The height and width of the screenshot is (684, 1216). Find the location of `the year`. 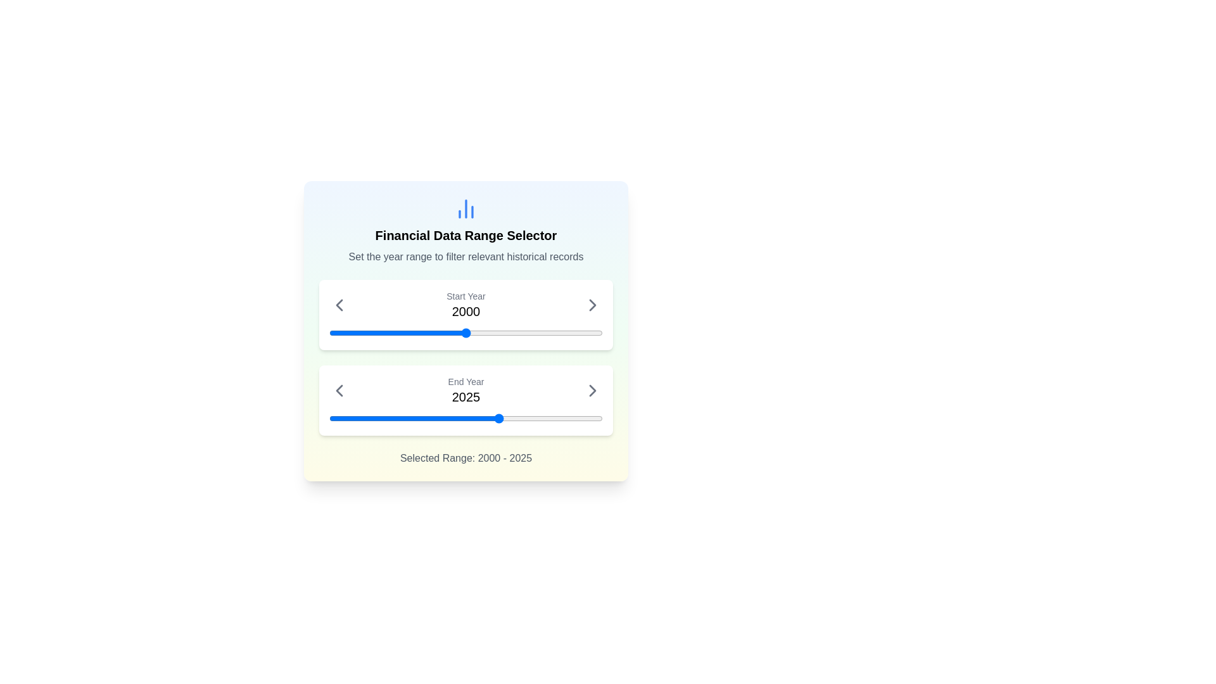

the year is located at coordinates (334, 418).